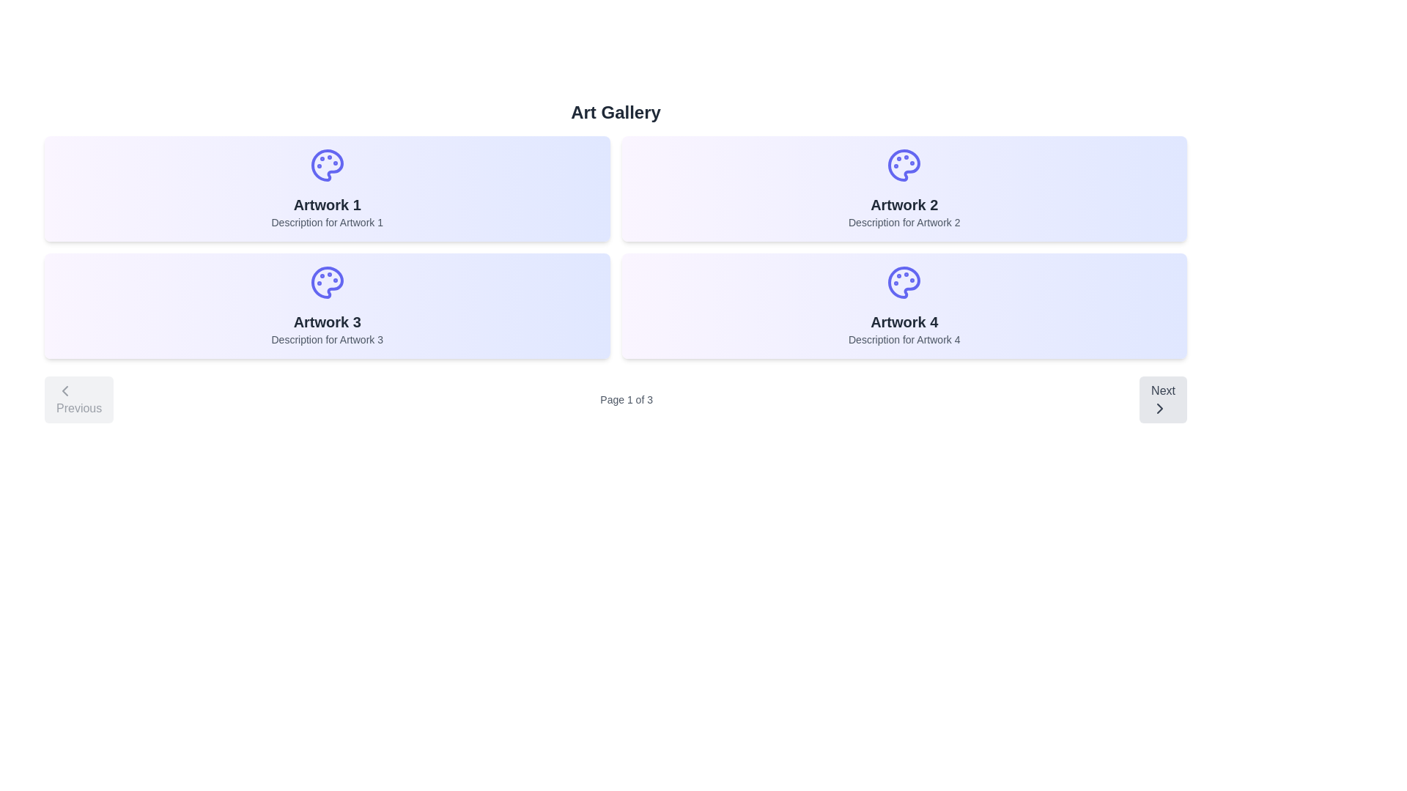 This screenshot has width=1407, height=791. What do you see at coordinates (78, 400) in the screenshot?
I see `the 'Previous' button, which has a light gray background and rounded corners` at bounding box center [78, 400].